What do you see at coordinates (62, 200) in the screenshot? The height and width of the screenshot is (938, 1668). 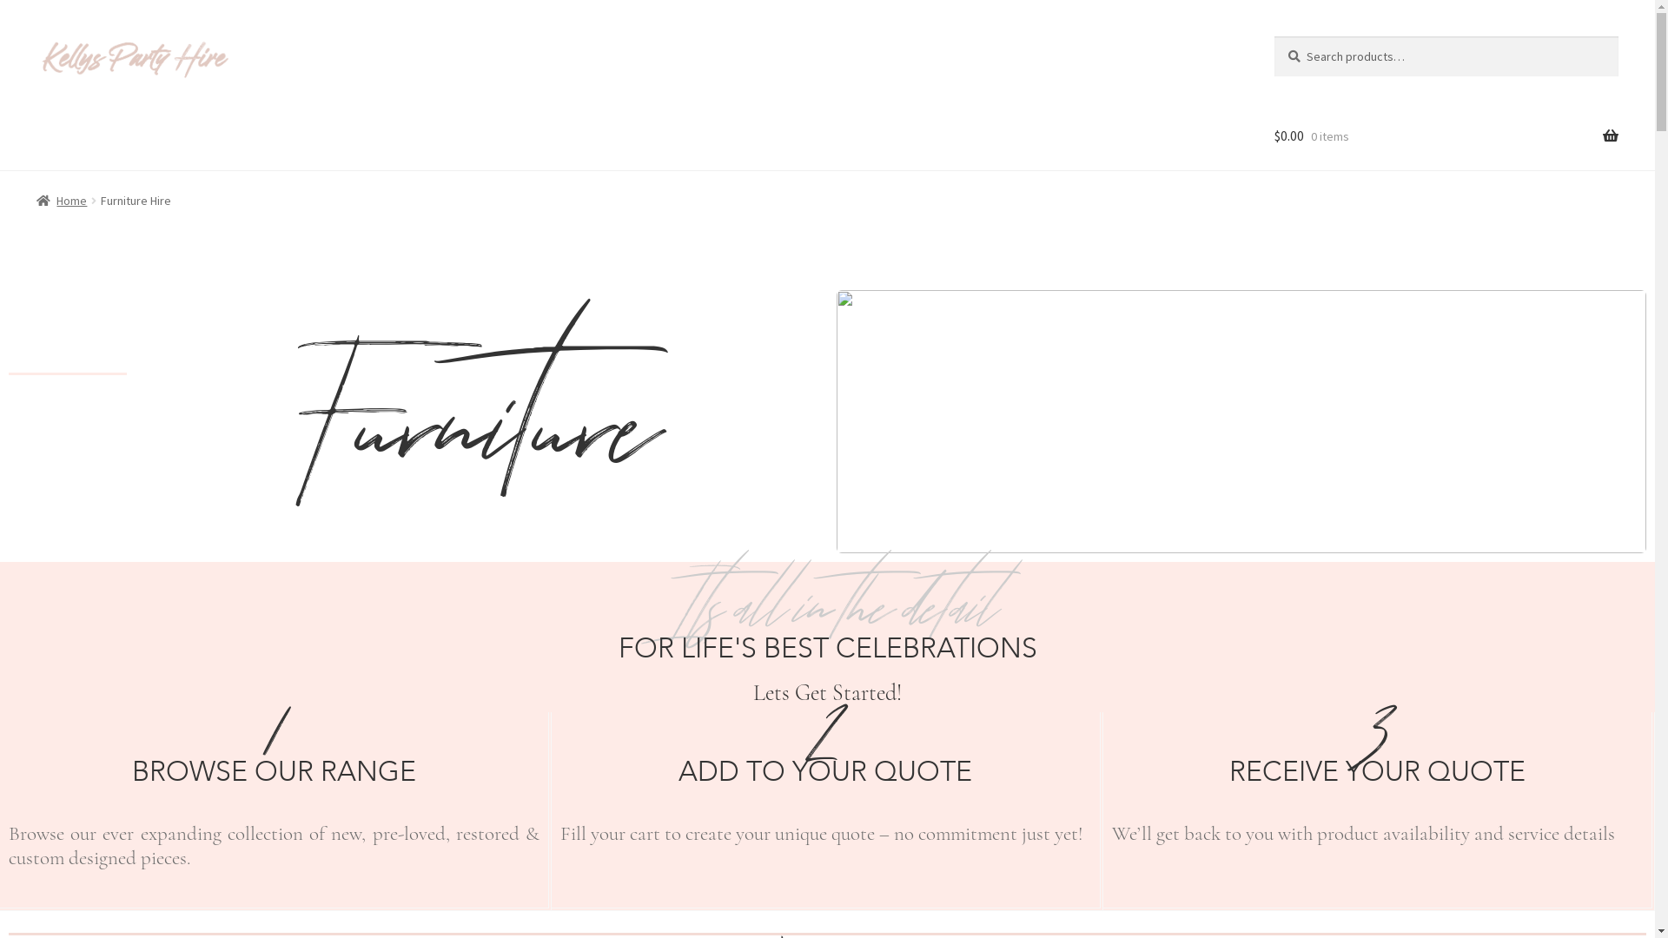 I see `'Home'` at bounding box center [62, 200].